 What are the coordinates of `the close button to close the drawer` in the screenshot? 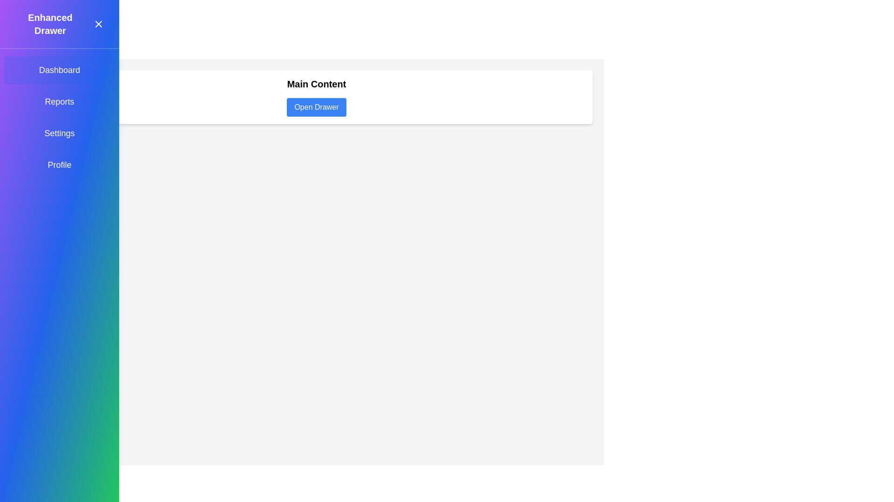 It's located at (98, 23).